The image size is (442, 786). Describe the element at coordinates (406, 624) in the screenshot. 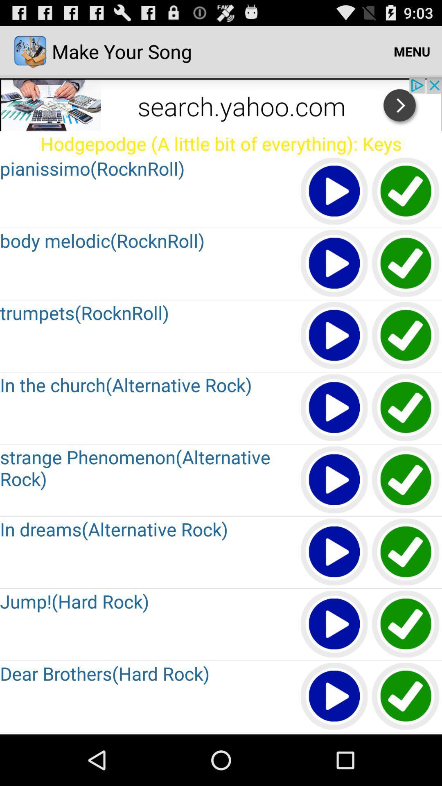

I see `jump` at that location.